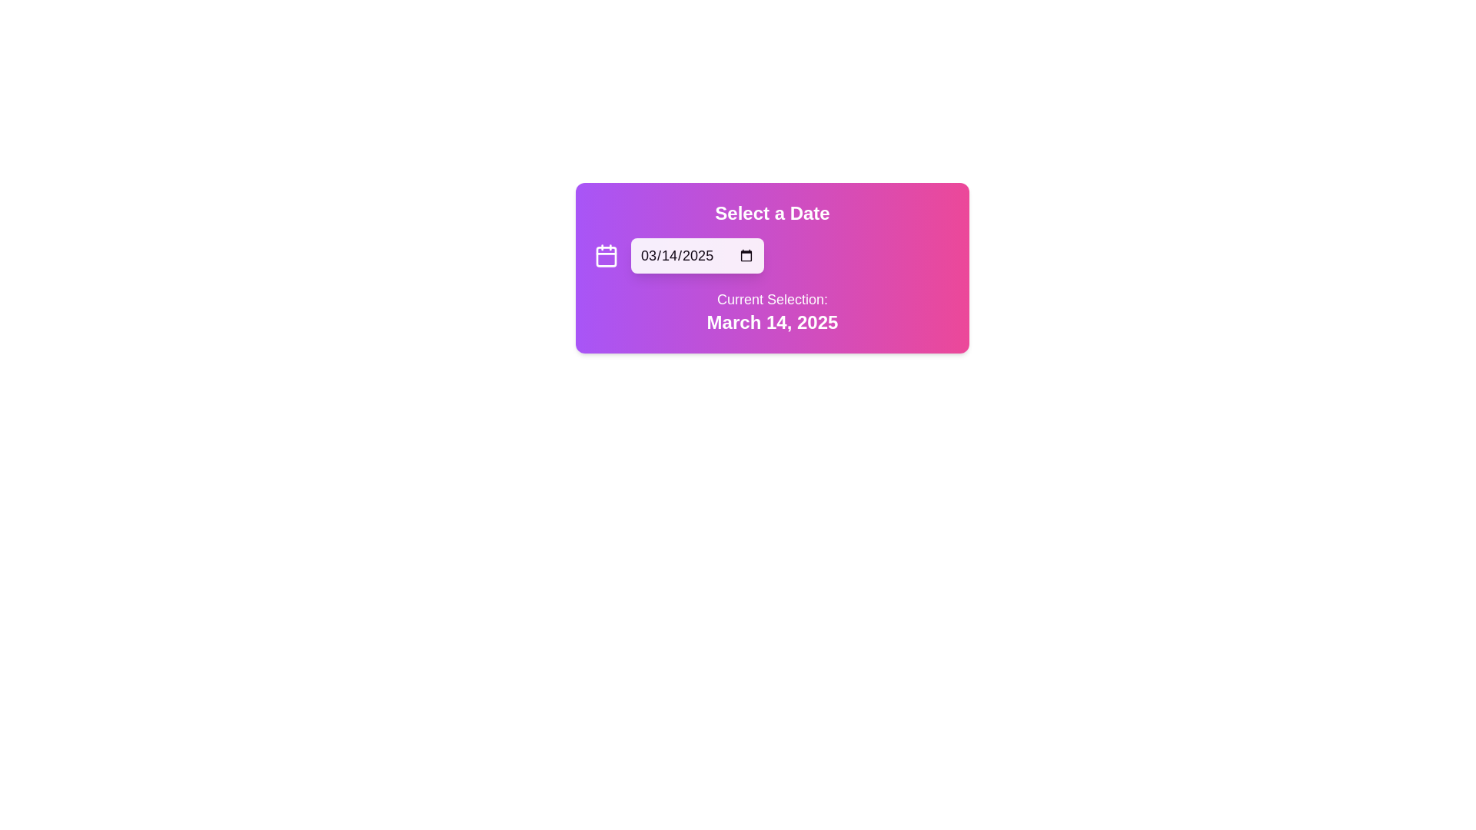 This screenshot has height=830, width=1476. I want to click on the date input field styled with rounded corners, currently displaying '03/14/2025', so click(696, 254).